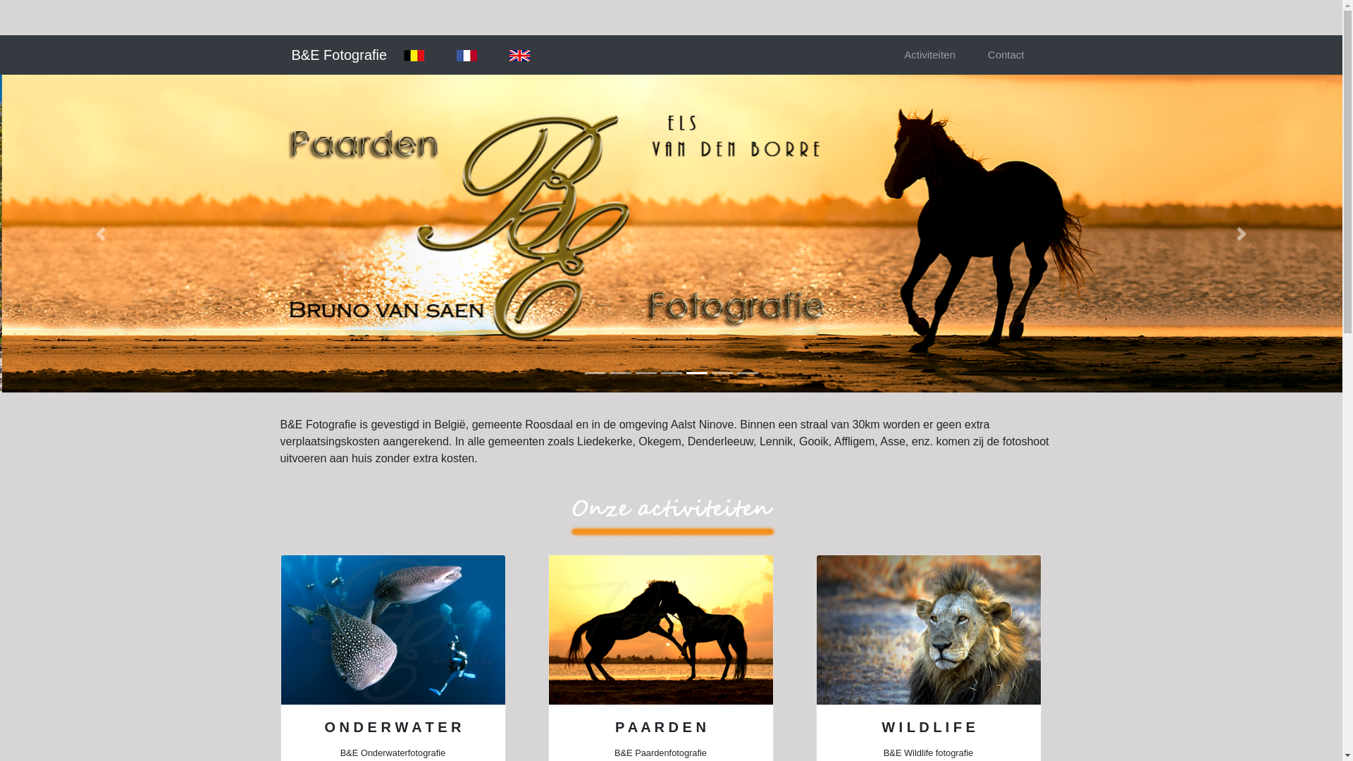 The width and height of the screenshot is (1353, 761). What do you see at coordinates (1006, 54) in the screenshot?
I see `'Contact'` at bounding box center [1006, 54].